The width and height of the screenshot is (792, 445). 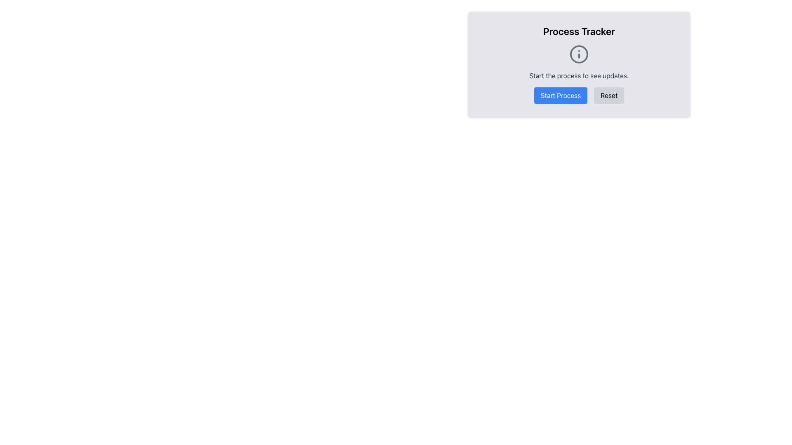 I want to click on the circular background of the information icon located at the top of the 'Process Tracker' card-like section, so click(x=578, y=54).